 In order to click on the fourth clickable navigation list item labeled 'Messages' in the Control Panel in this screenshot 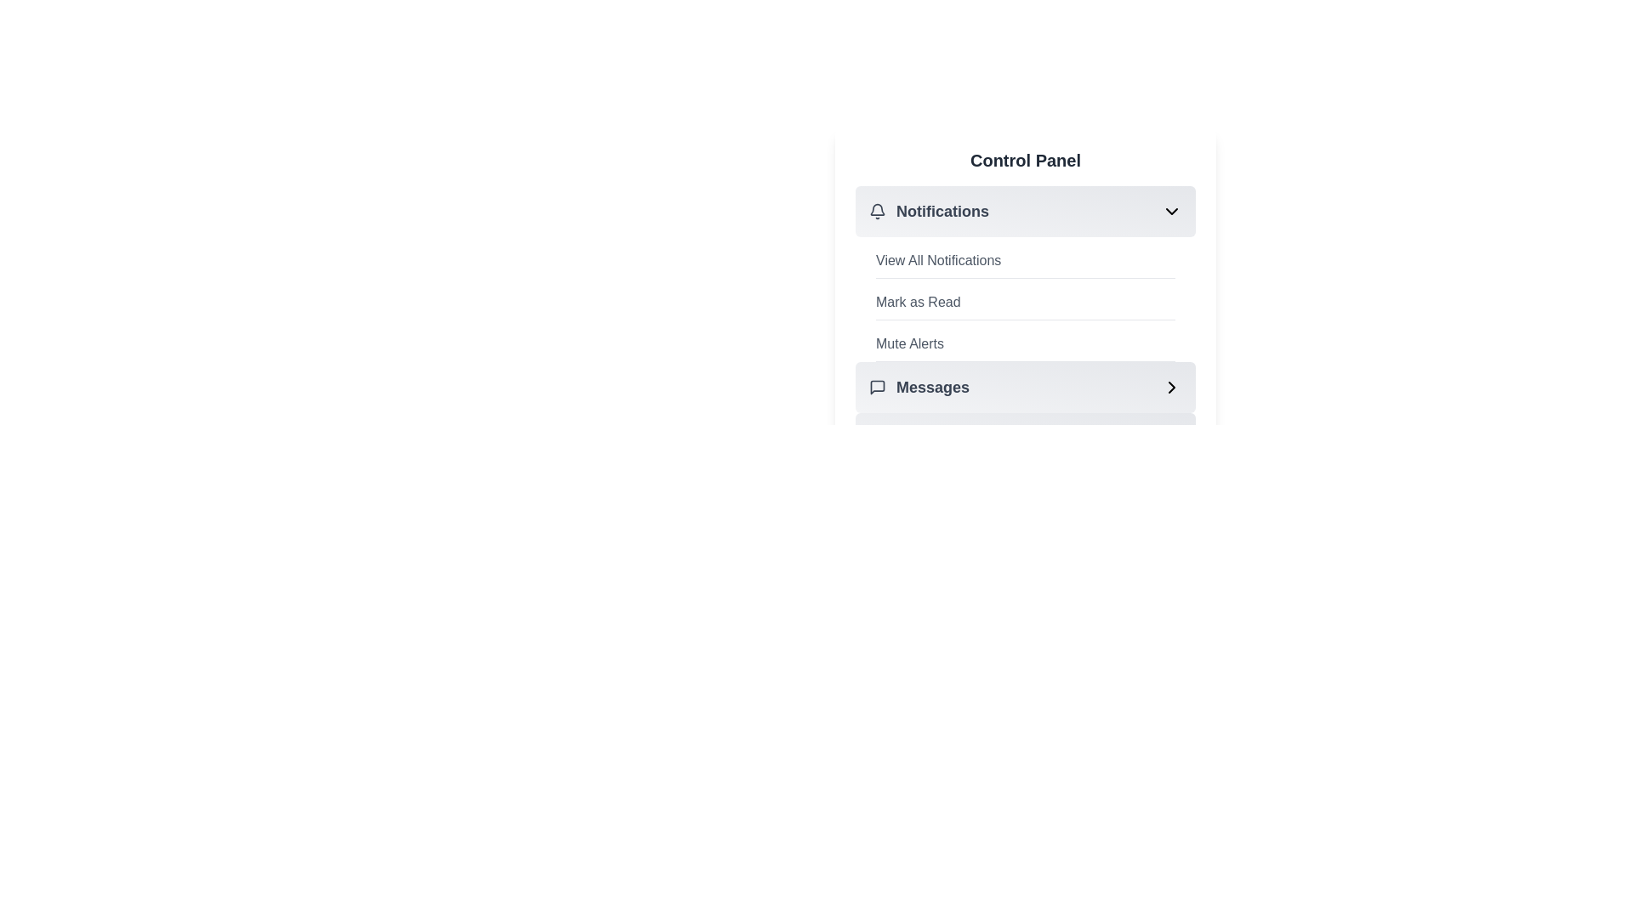, I will do `click(1024, 387)`.